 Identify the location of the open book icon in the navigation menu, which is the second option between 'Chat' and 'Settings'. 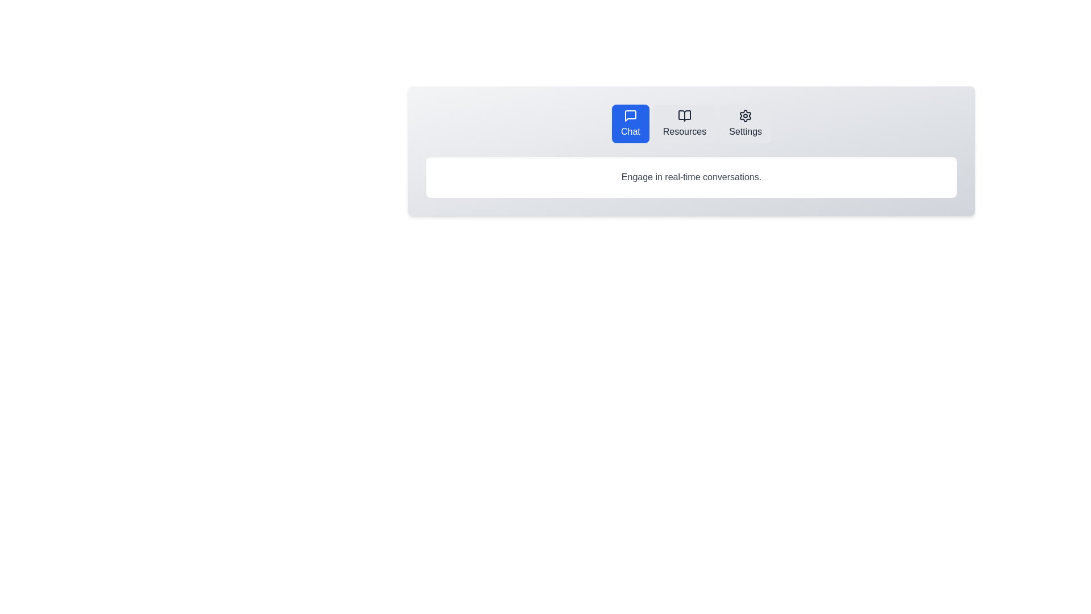
(684, 116).